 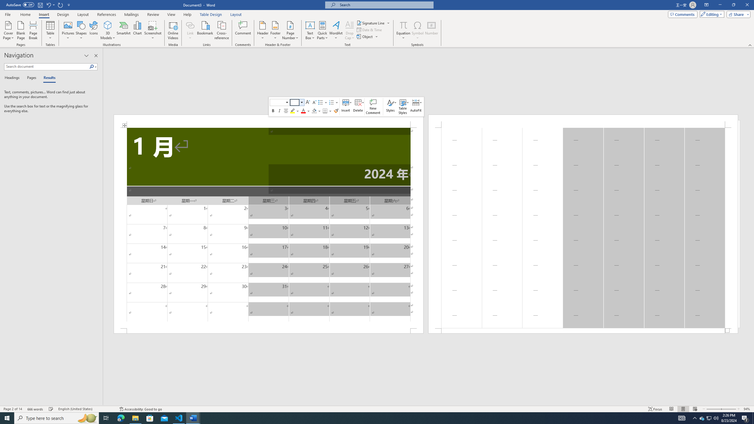 I want to click on 'Table', so click(x=50, y=30).